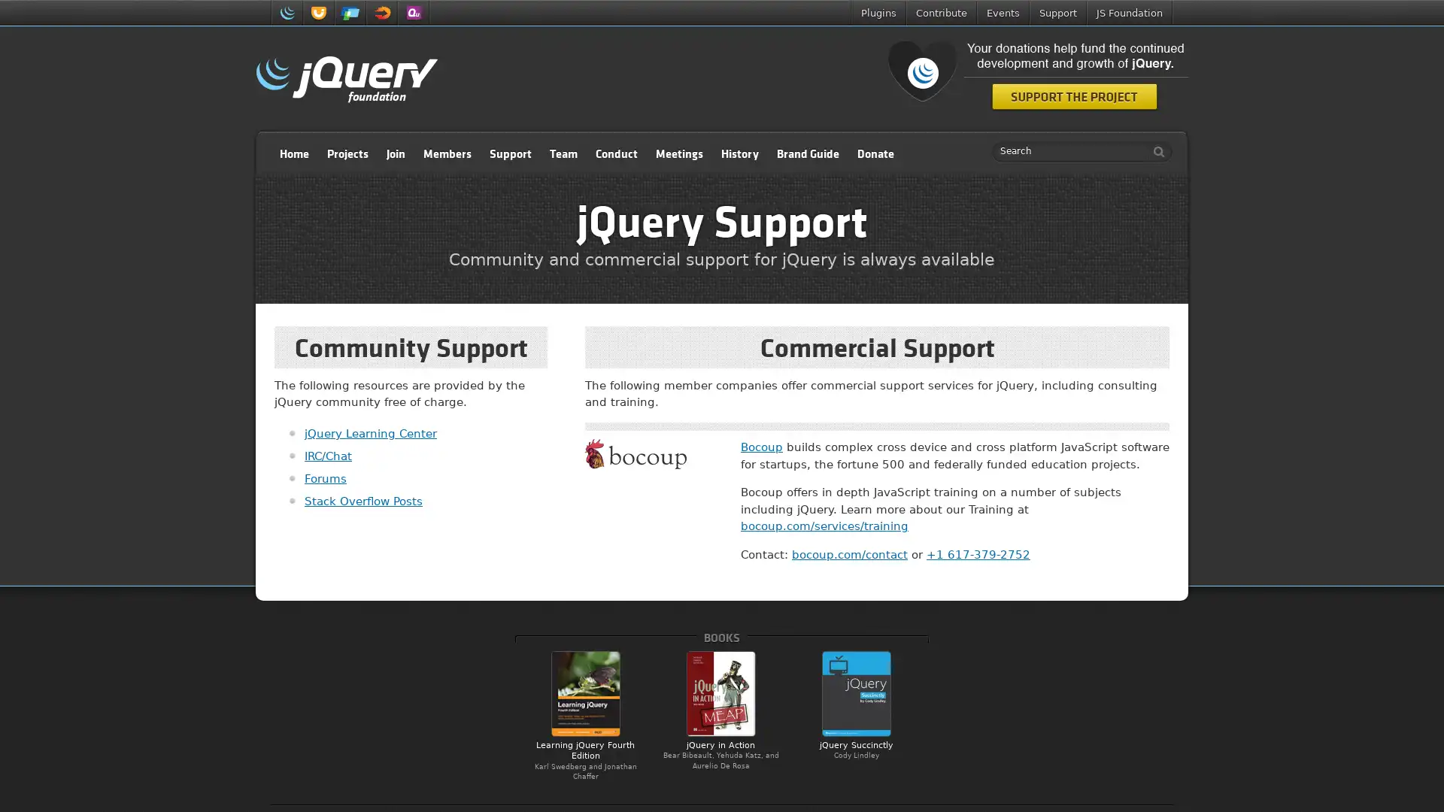  I want to click on search, so click(1154, 151).